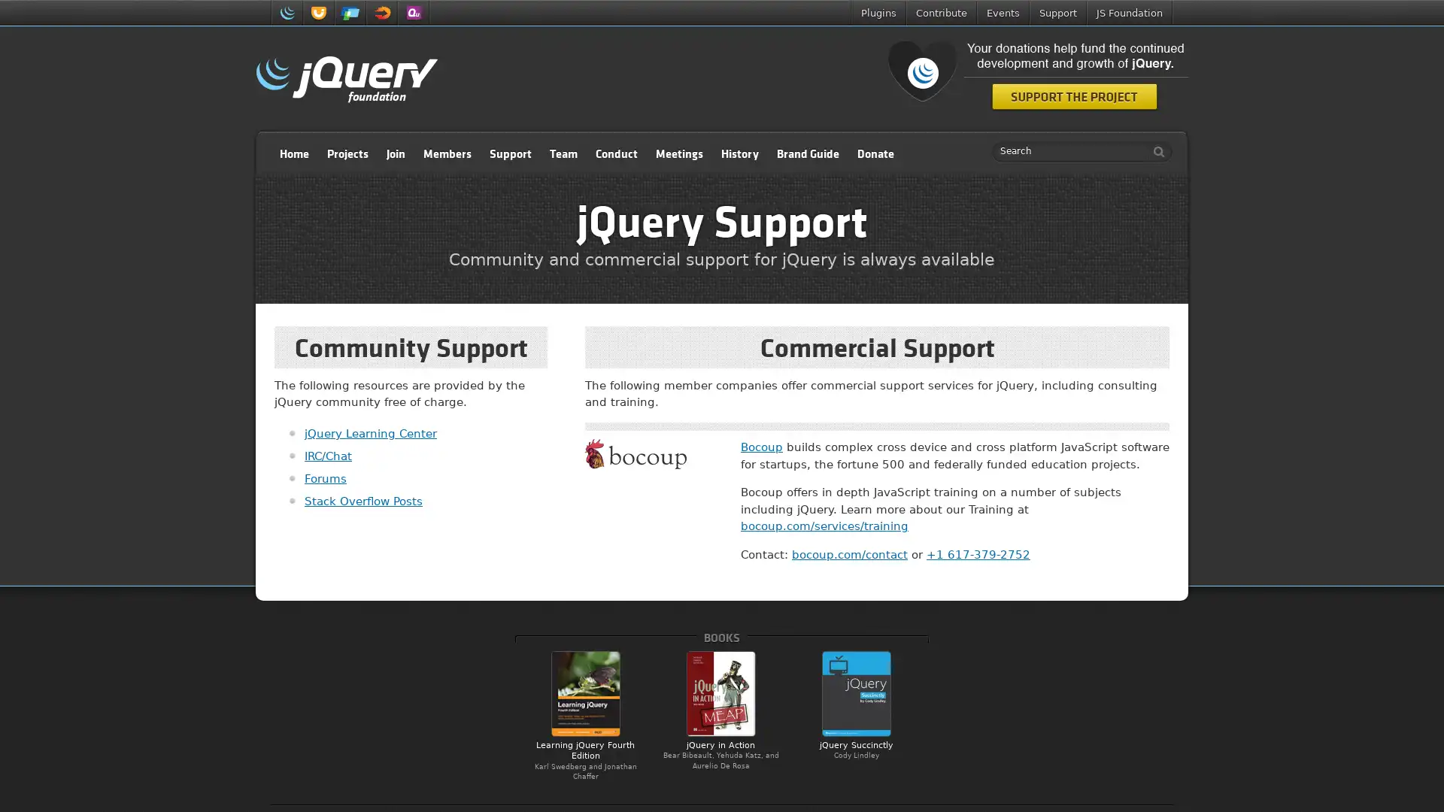  I want to click on search, so click(1154, 151).